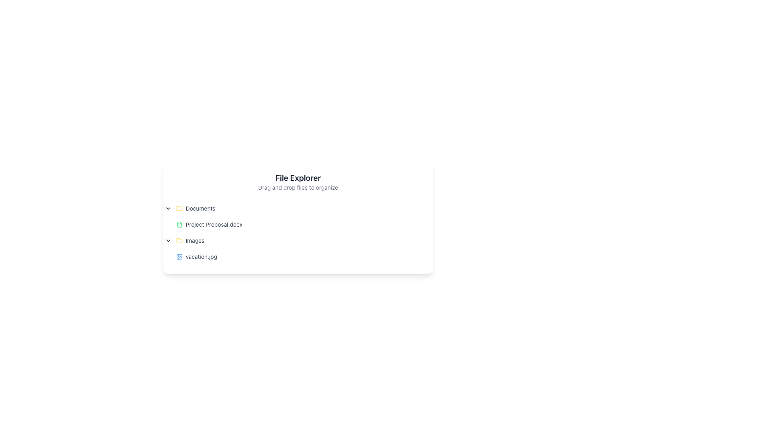 This screenshot has height=434, width=771. I want to click on the chevron button located to the left of the 'Images' folder name in the file explorer, so click(167, 240).